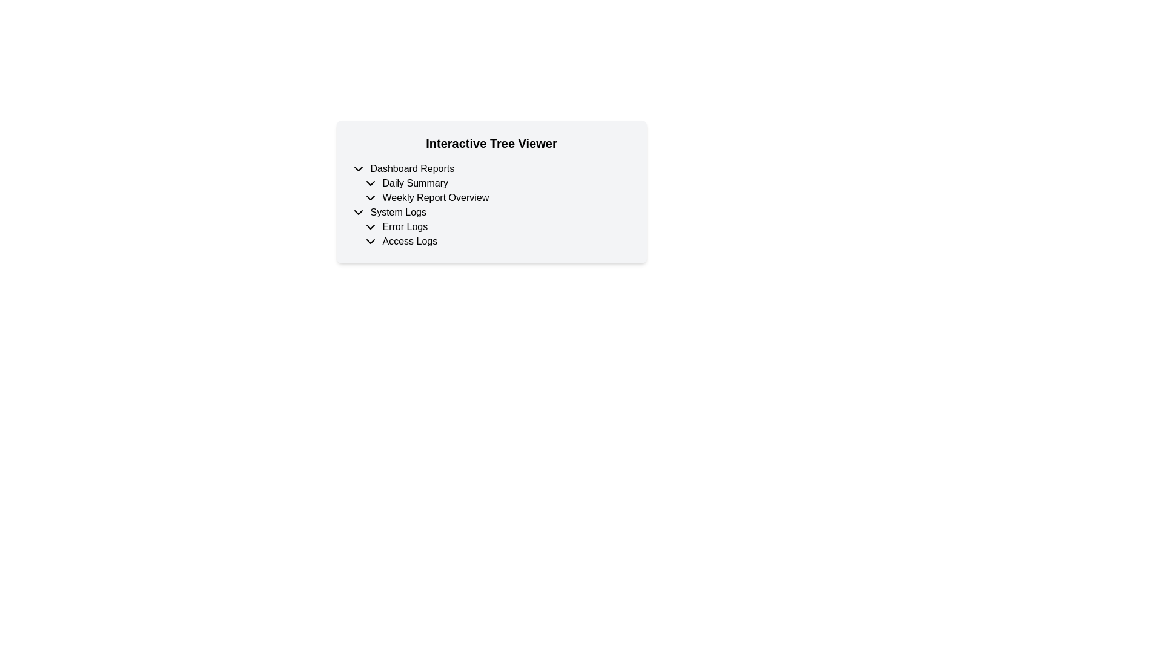  Describe the element at coordinates (412, 168) in the screenshot. I see `the 'Dashboard Reports' header in the tree view interface, which serves as a title for expandable subsections` at that location.